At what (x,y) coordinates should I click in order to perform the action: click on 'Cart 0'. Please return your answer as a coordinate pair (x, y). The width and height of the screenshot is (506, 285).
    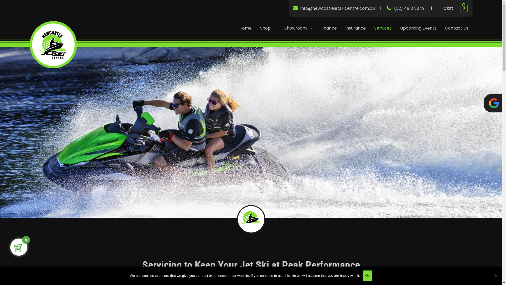
    Looking at the image, I should click on (452, 8).